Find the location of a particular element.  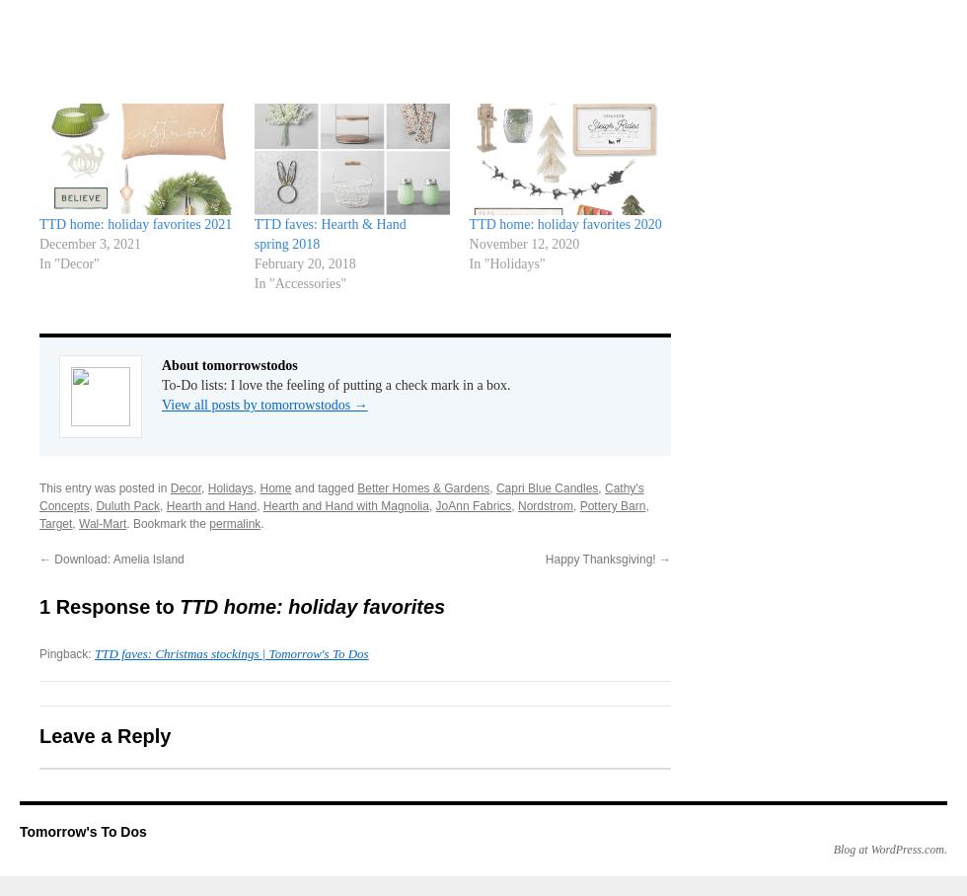

'Pingback:' is located at coordinates (67, 653).